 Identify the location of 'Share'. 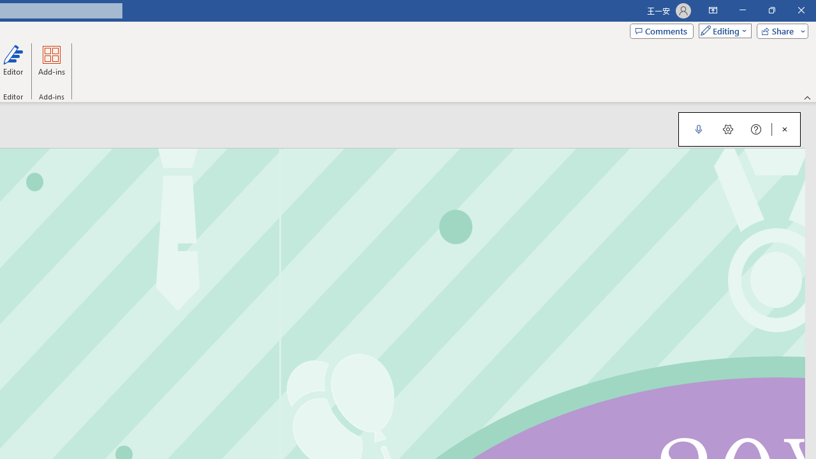
(779, 30).